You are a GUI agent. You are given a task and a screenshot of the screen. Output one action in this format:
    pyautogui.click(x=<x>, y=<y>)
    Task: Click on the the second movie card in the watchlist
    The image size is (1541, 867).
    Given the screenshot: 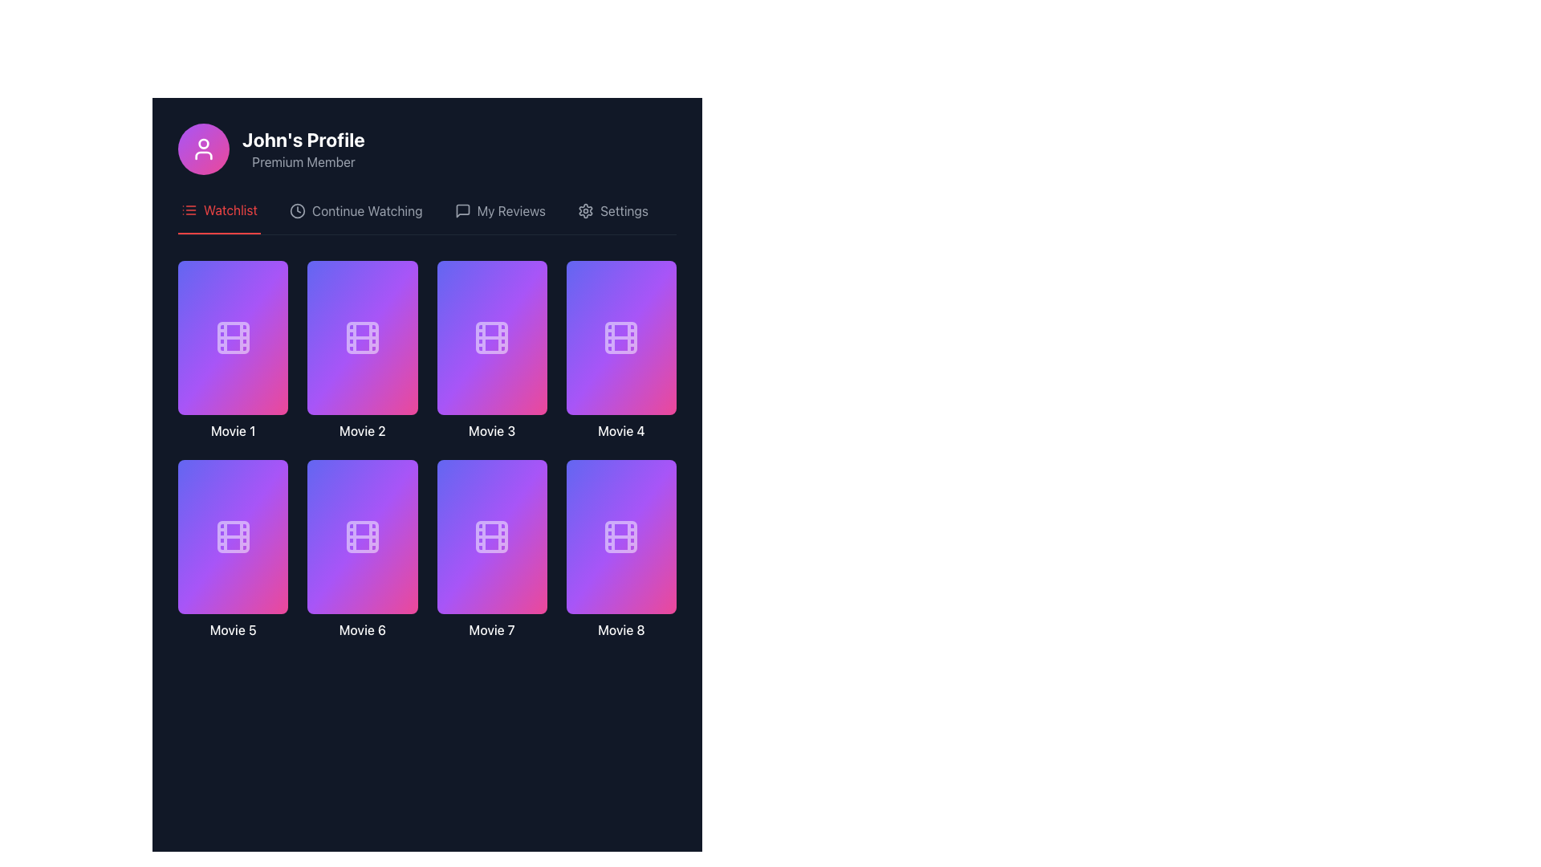 What is the action you would take?
    pyautogui.click(x=361, y=349)
    